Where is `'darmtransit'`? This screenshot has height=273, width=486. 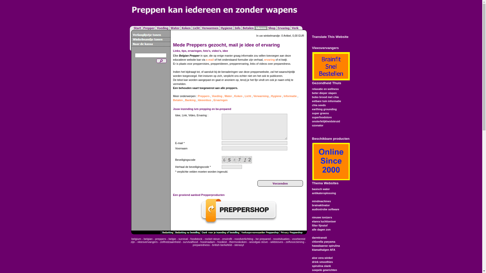 'darmtransit' is located at coordinates (319, 238).